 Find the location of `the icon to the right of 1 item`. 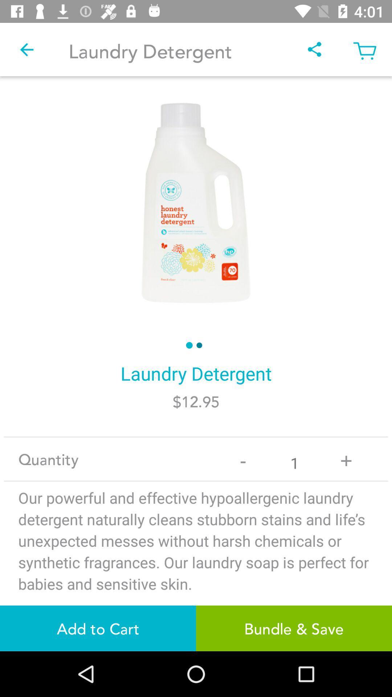

the icon to the right of 1 item is located at coordinates (346, 458).